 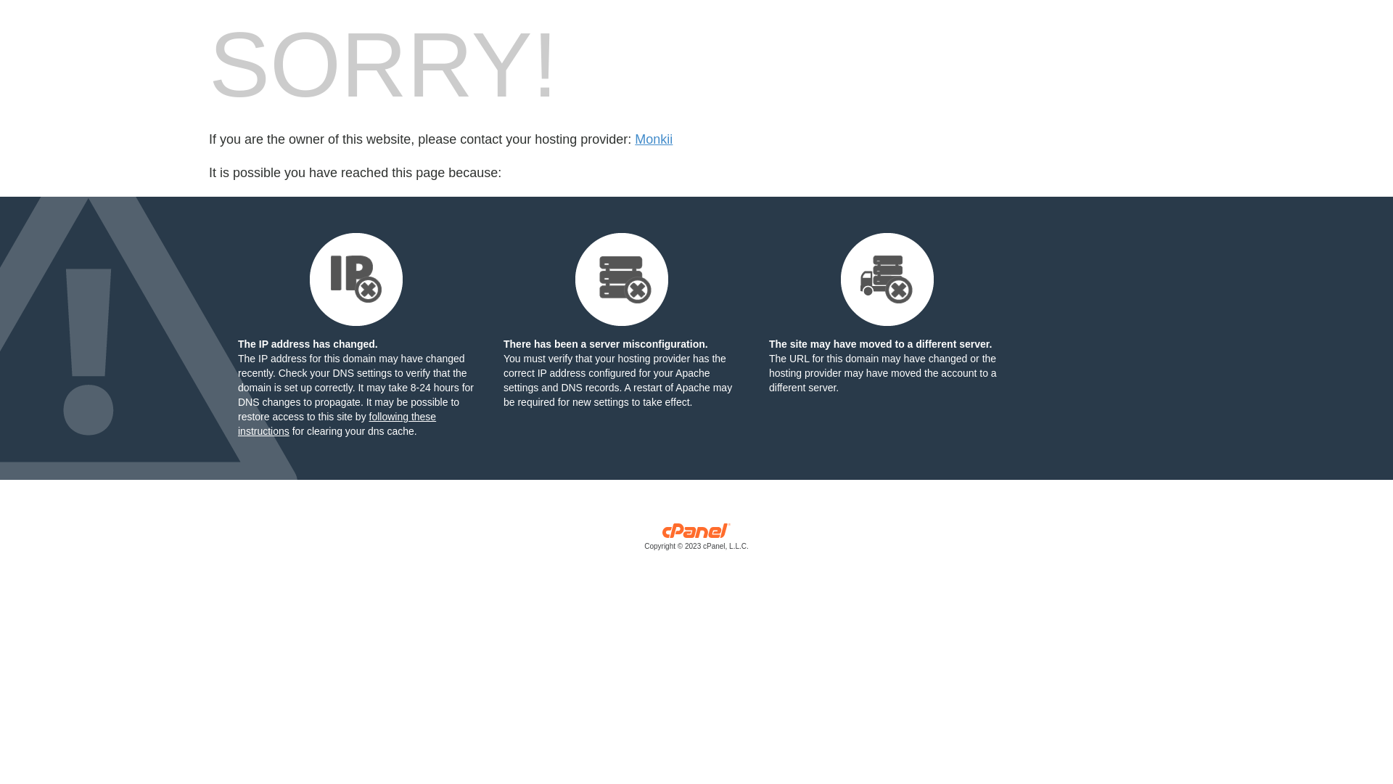 What do you see at coordinates (653, 139) in the screenshot?
I see `'Monkii'` at bounding box center [653, 139].